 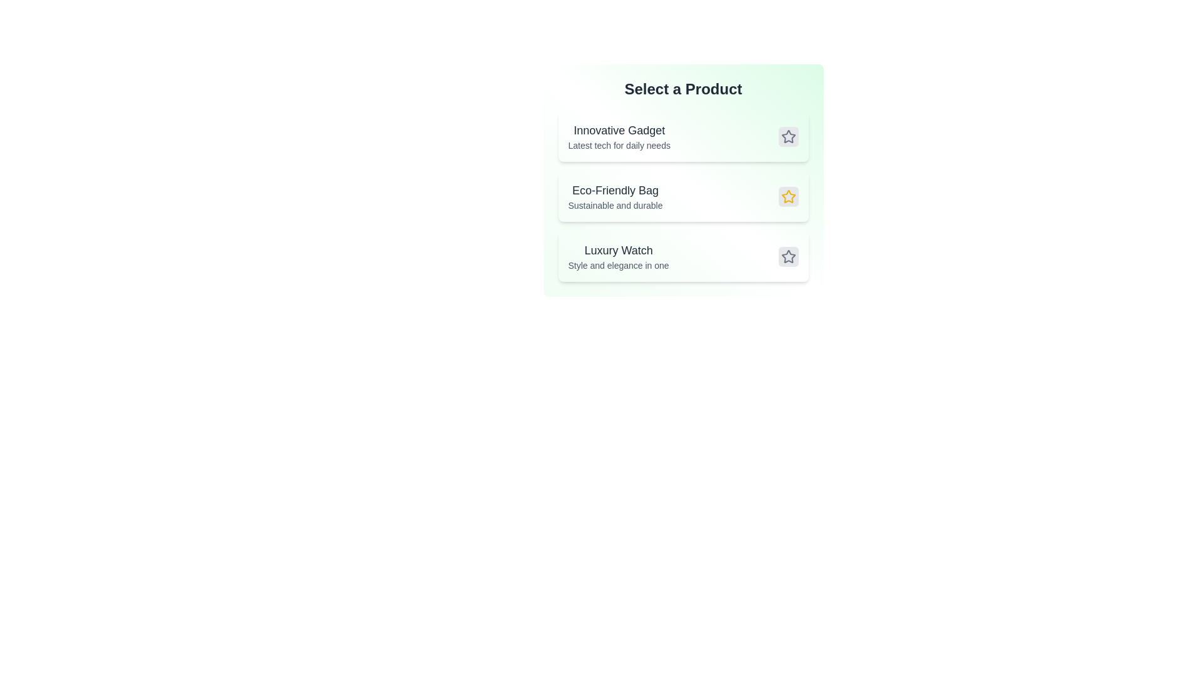 What do you see at coordinates (618, 256) in the screenshot?
I see `the product entry for Luxury Watch to inspect its details` at bounding box center [618, 256].